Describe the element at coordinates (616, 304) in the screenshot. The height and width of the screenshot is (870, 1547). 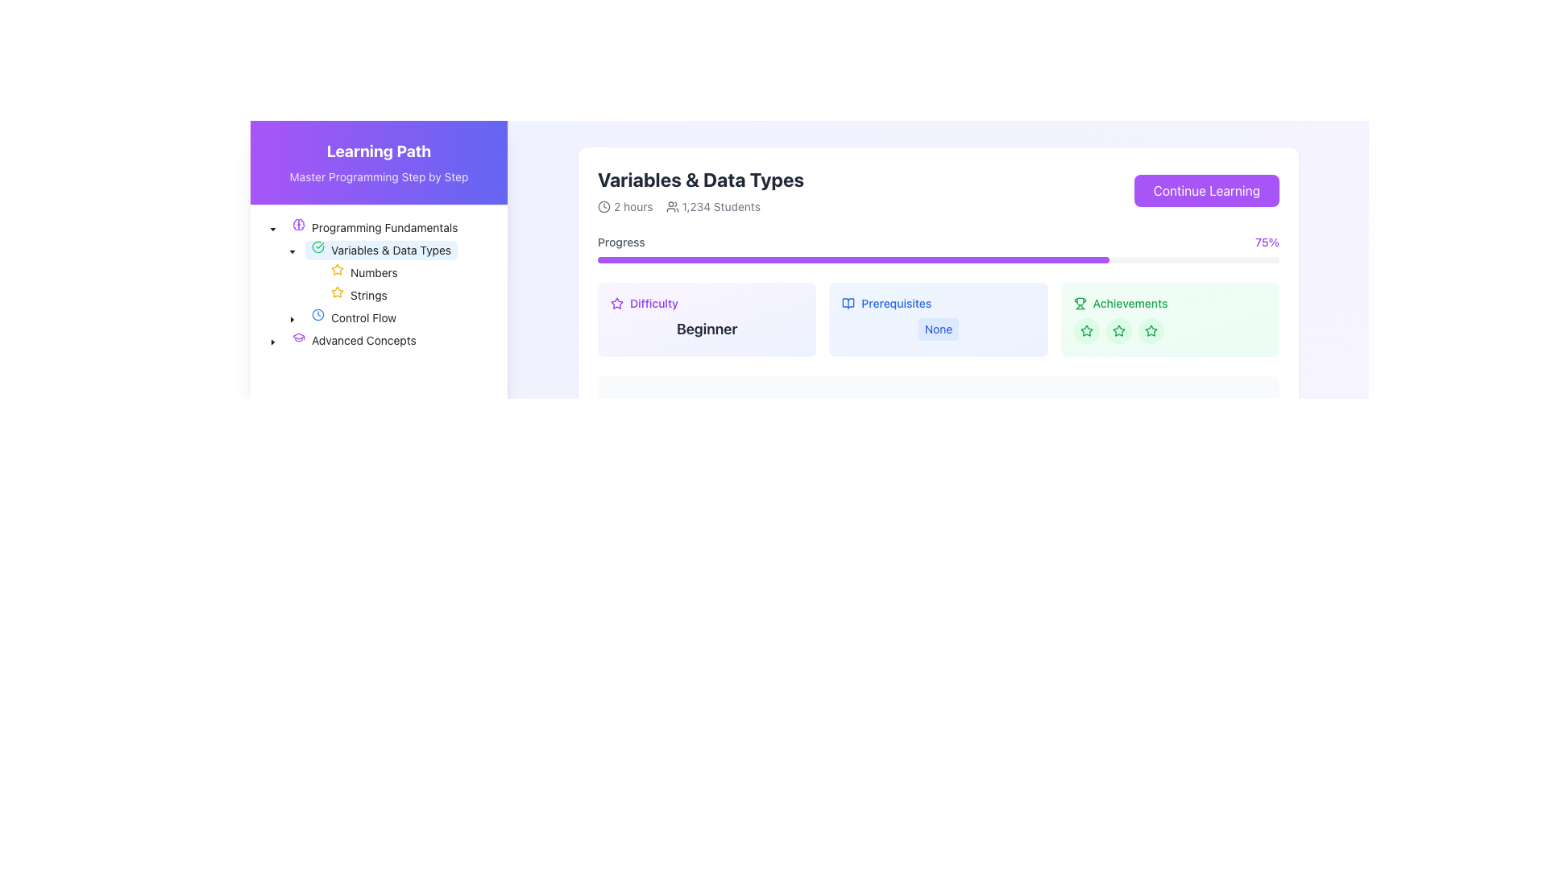
I see `the rating icon located in the 'Difficulty' section, positioned to the left of the text 'Difficulty'` at that location.